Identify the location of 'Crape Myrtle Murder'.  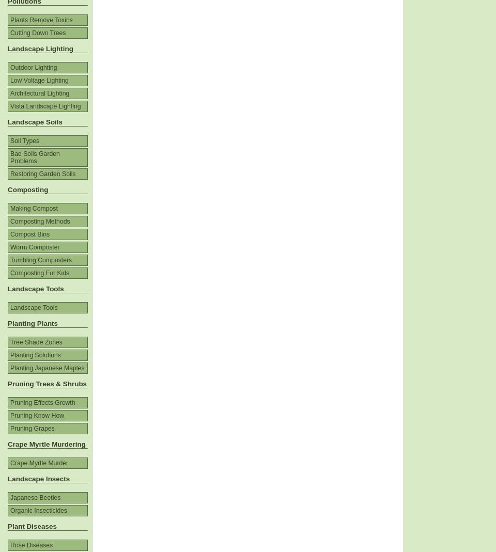
(39, 462).